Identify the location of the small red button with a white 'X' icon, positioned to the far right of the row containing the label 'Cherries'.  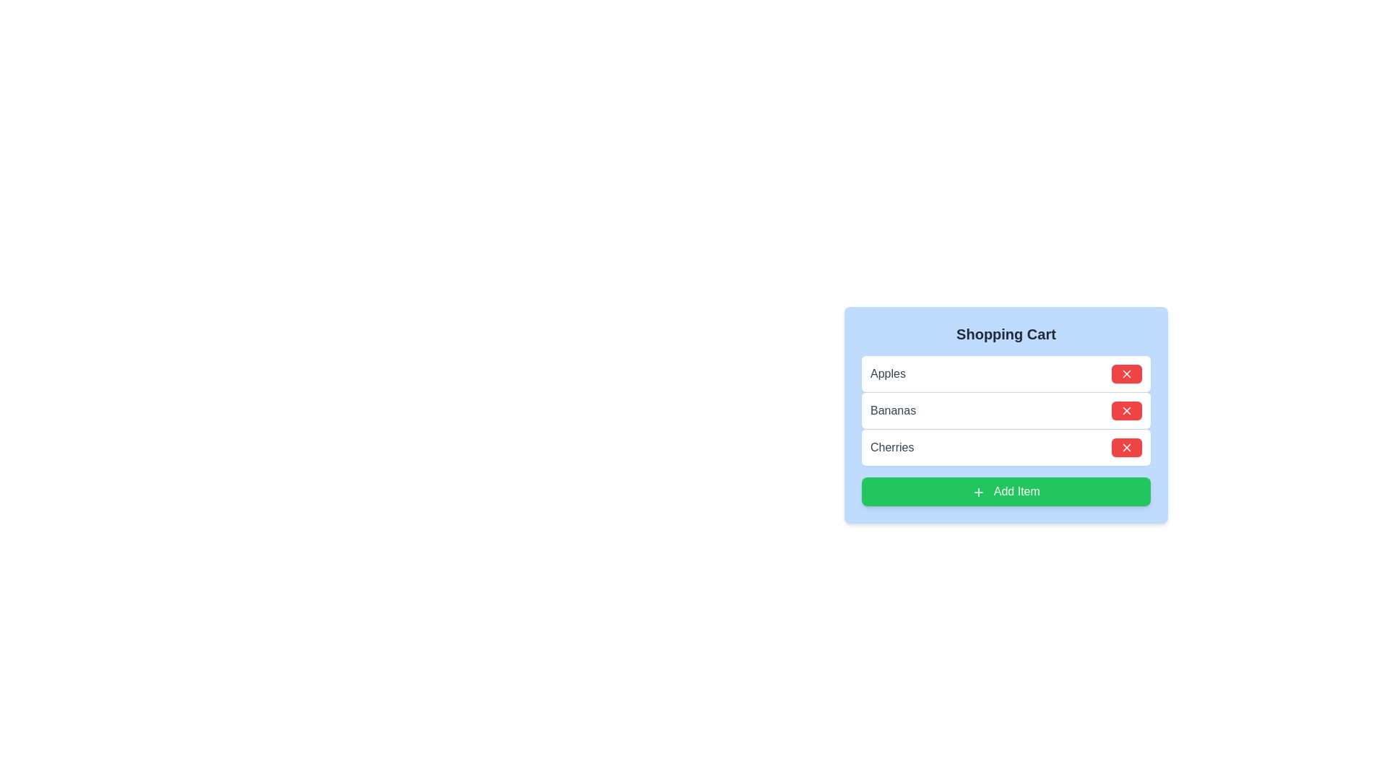
(1126, 447).